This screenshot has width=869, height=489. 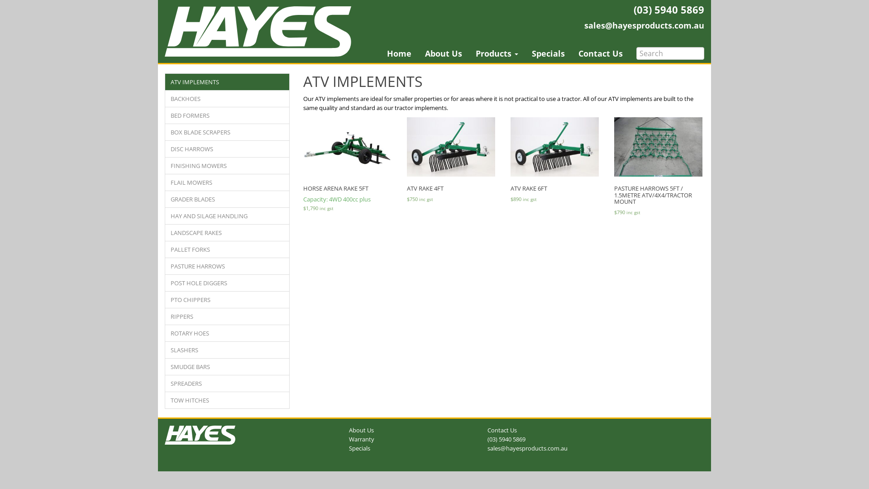 What do you see at coordinates (600, 53) in the screenshot?
I see `'Contact Us'` at bounding box center [600, 53].